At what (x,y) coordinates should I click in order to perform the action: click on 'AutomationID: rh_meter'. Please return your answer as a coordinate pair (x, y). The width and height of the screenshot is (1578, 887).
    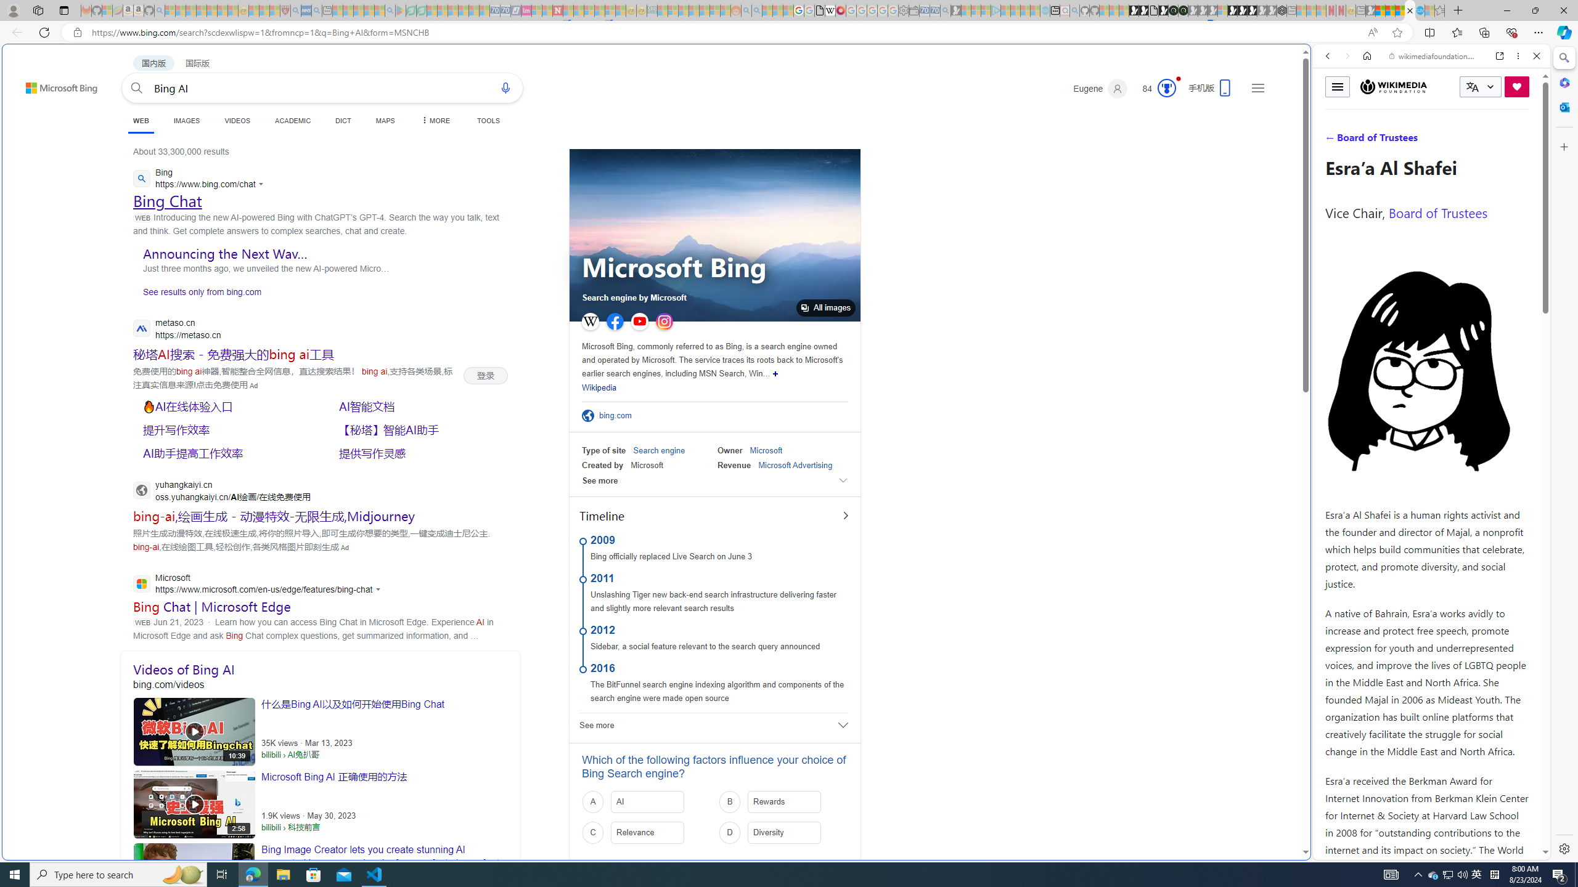
    Looking at the image, I should click on (1166, 87).